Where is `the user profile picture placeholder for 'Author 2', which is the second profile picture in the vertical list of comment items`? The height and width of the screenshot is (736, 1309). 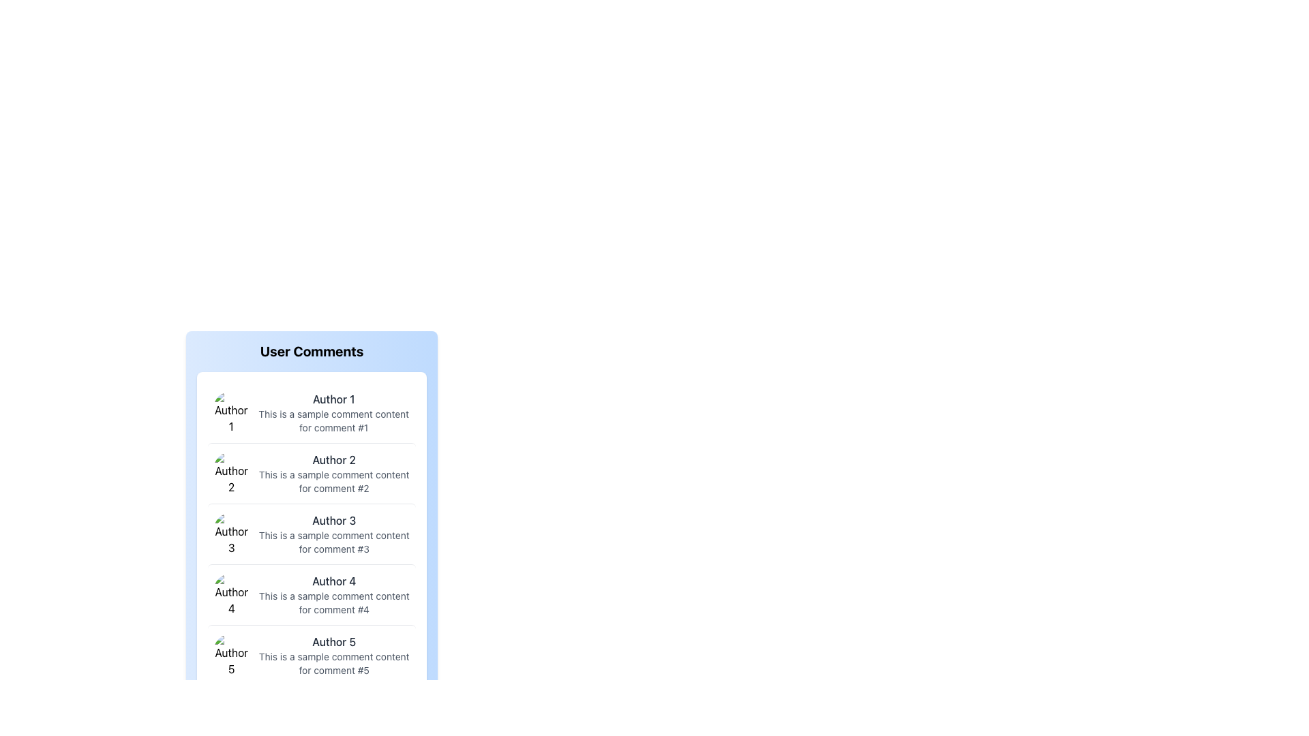 the user profile picture placeholder for 'Author 2', which is the second profile picture in the vertical list of comment items is located at coordinates (231, 472).